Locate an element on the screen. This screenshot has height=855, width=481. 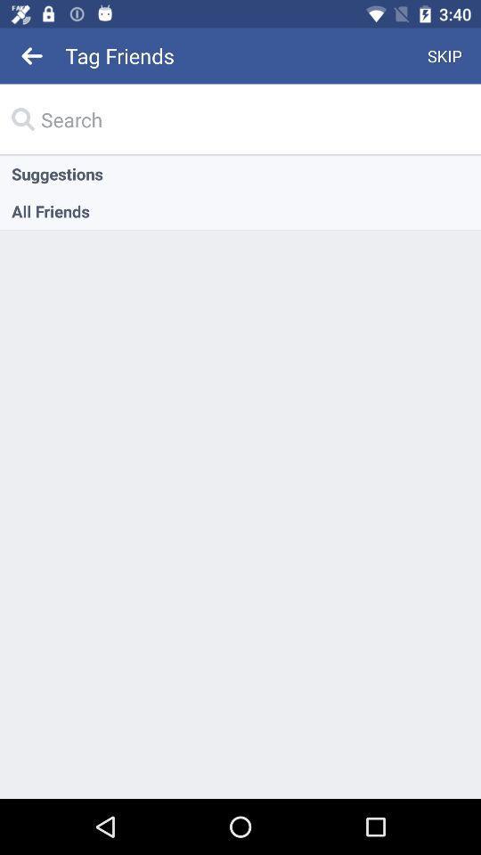
icon to the right of tag friends item is located at coordinates (444, 55).